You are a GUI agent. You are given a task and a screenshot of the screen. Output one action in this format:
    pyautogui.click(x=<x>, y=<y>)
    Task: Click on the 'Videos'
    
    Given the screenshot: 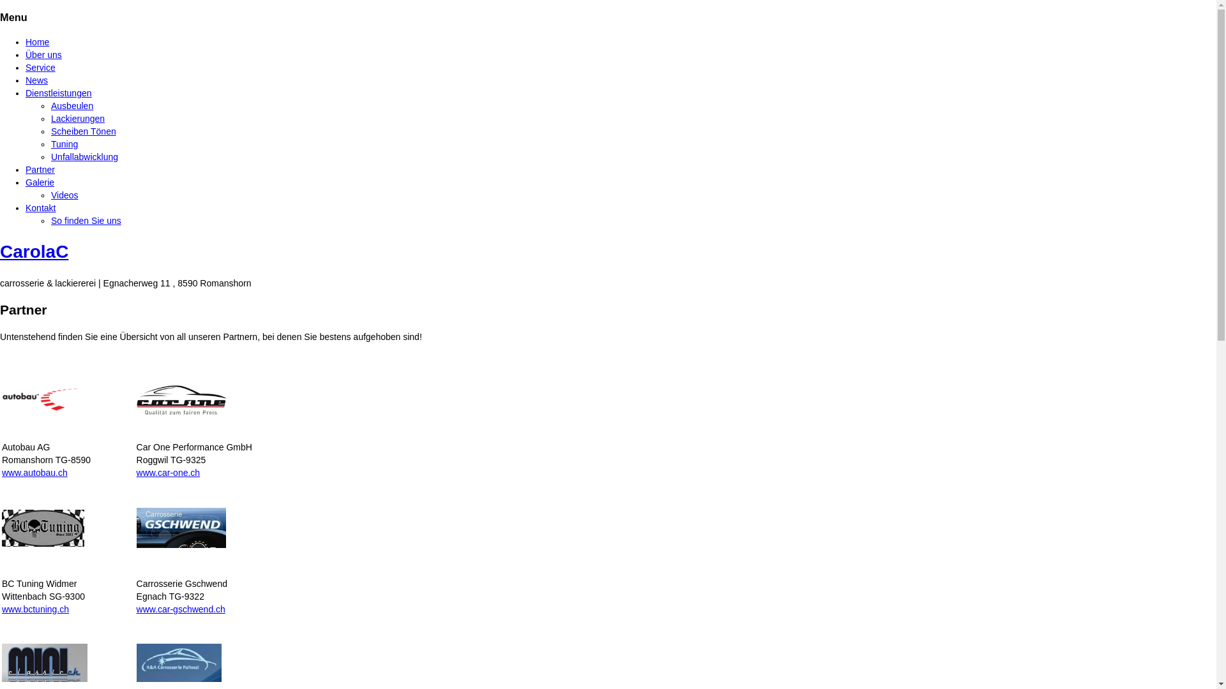 What is the action you would take?
    pyautogui.click(x=64, y=195)
    